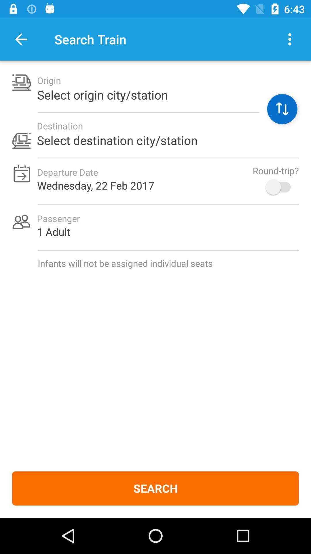 The width and height of the screenshot is (311, 554). Describe the element at coordinates (280, 187) in the screenshot. I see `would make the departure a round trip` at that location.